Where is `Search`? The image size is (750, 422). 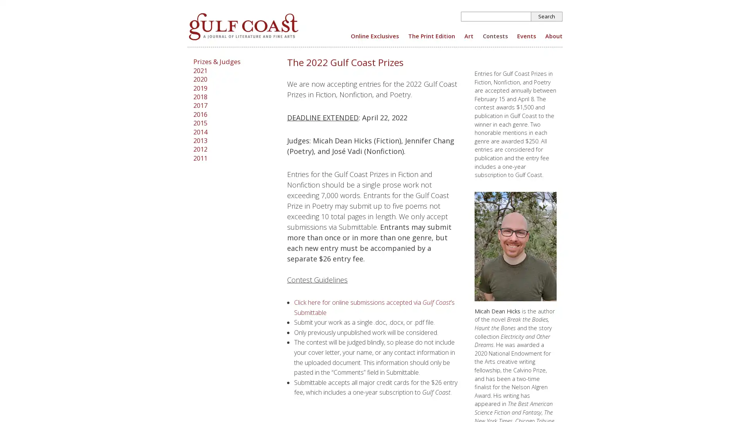 Search is located at coordinates (546, 16).